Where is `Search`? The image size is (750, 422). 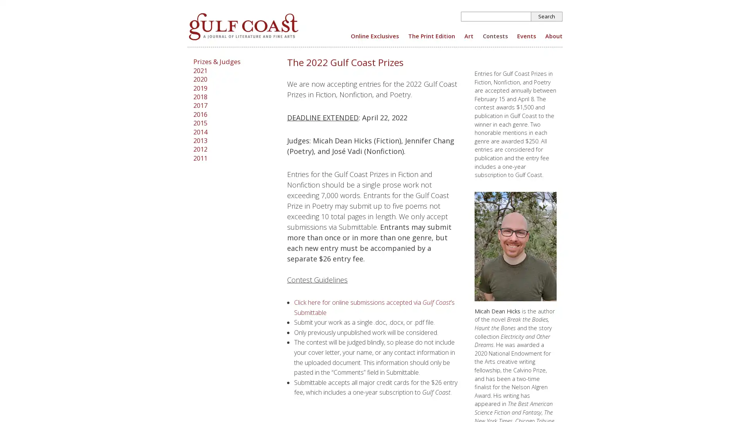 Search is located at coordinates (546, 16).